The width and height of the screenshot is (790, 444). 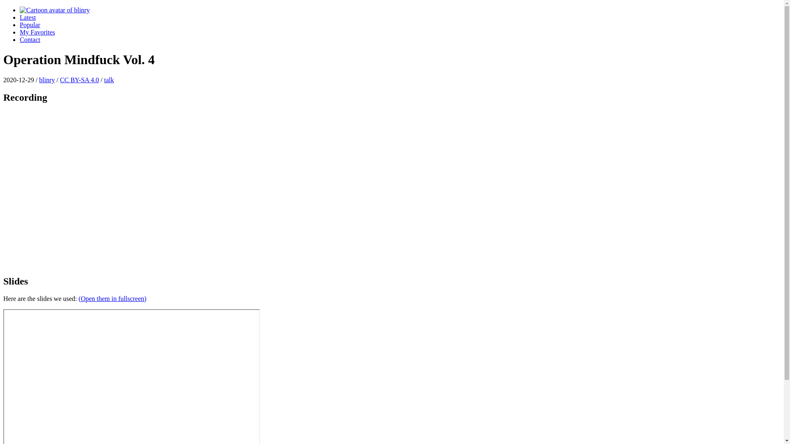 I want to click on 'blinry', so click(x=46, y=80).